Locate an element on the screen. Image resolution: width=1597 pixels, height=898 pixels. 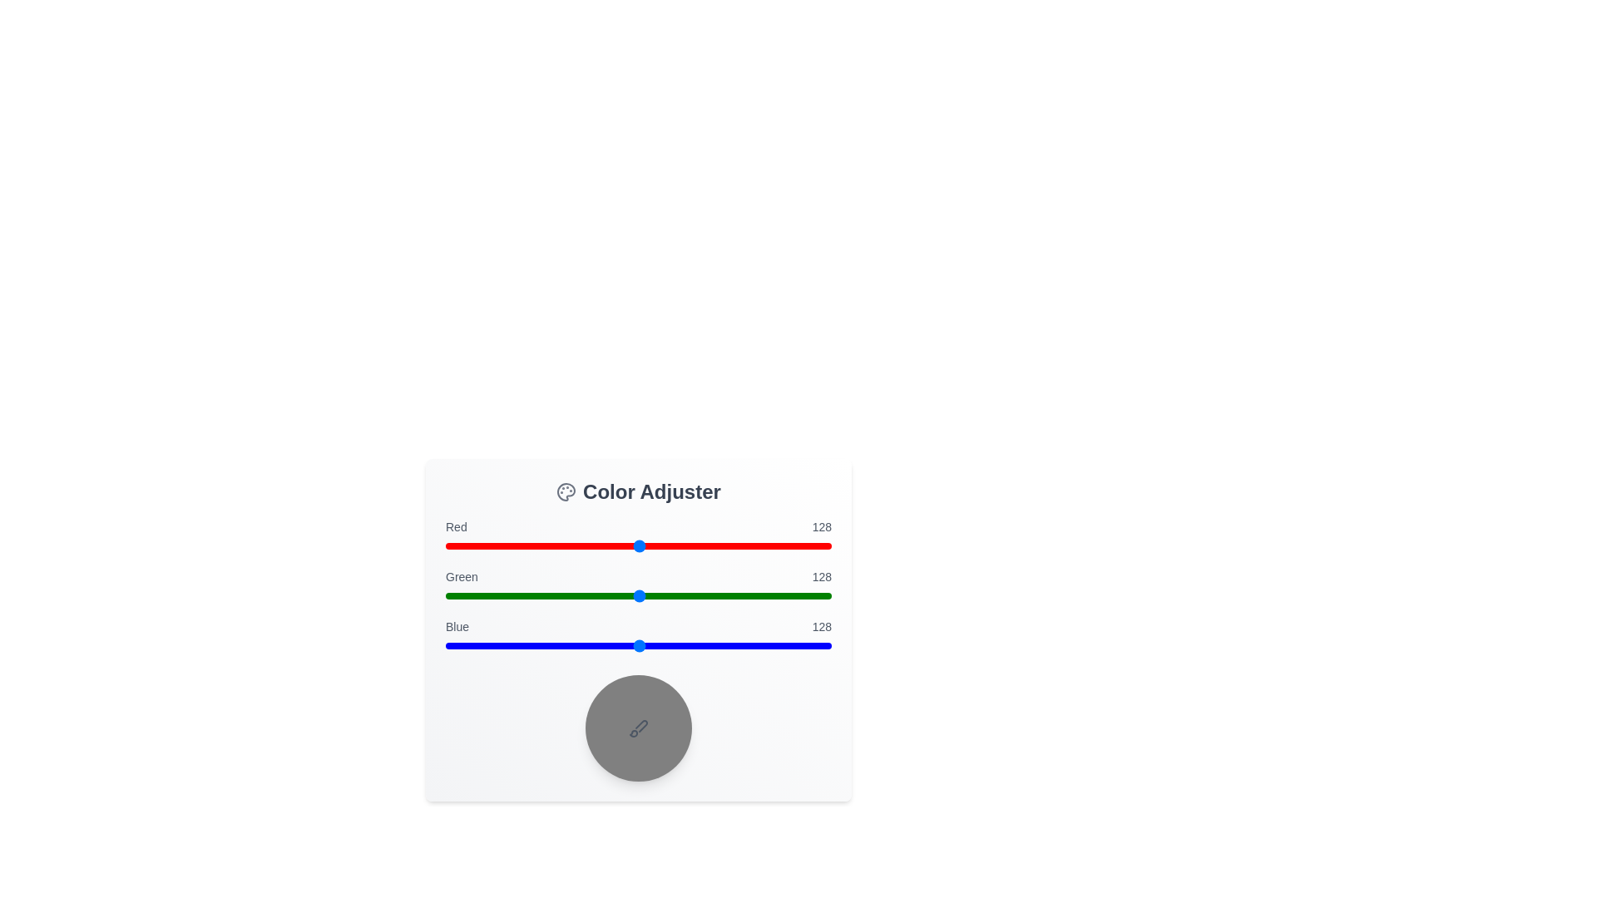
the blue slider to set its value to 47 is located at coordinates (516, 644).